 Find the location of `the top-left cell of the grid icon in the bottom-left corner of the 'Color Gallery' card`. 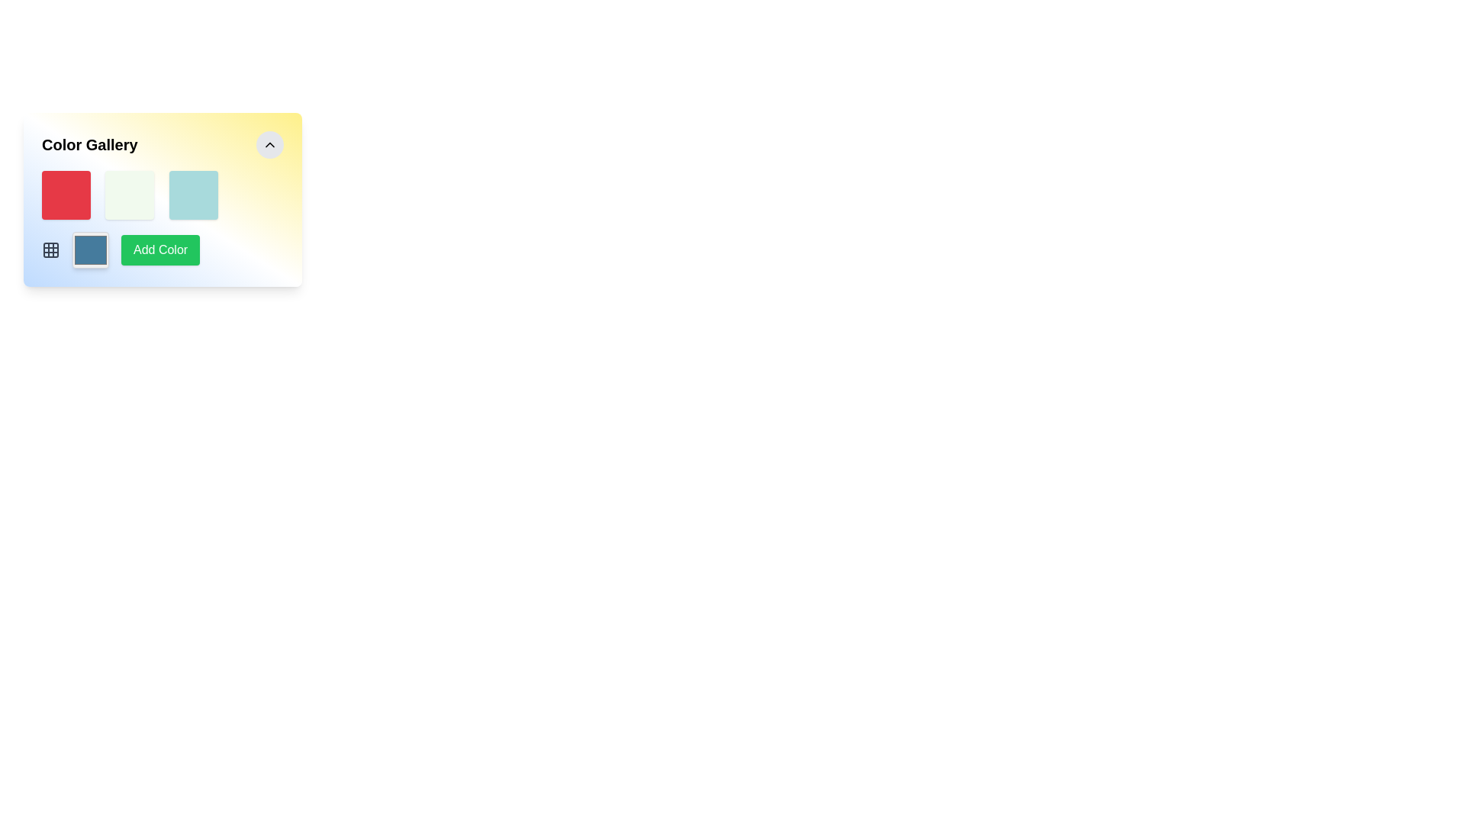

the top-left cell of the grid icon in the bottom-left corner of the 'Color Gallery' card is located at coordinates (51, 249).